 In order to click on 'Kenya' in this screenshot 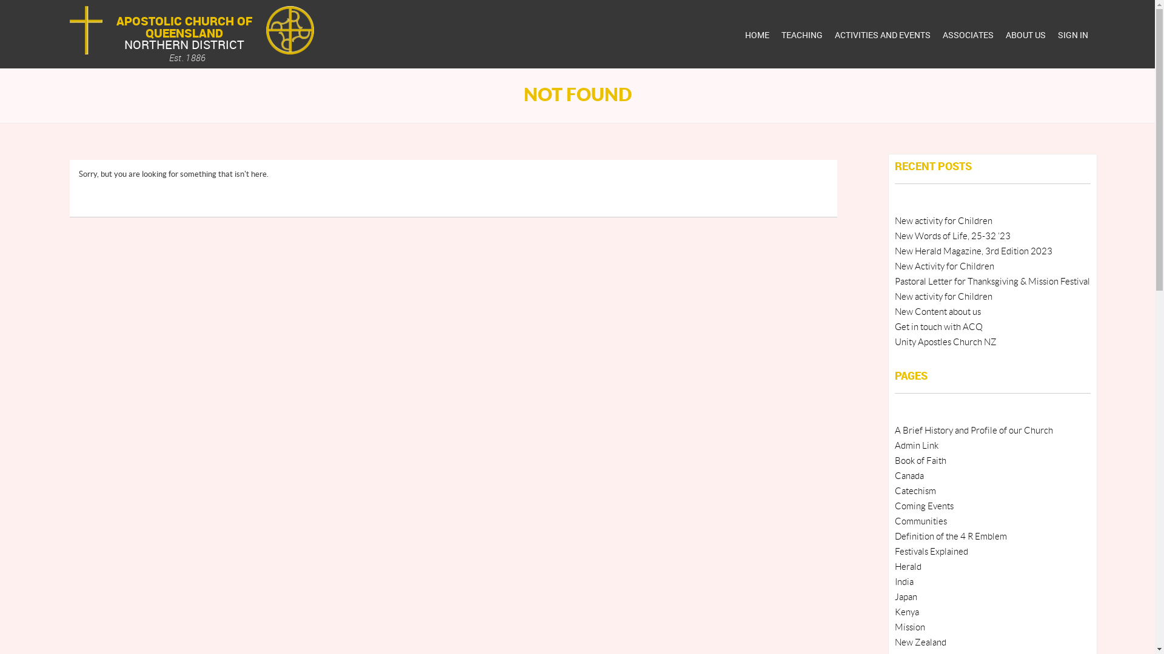, I will do `click(907, 612)`.